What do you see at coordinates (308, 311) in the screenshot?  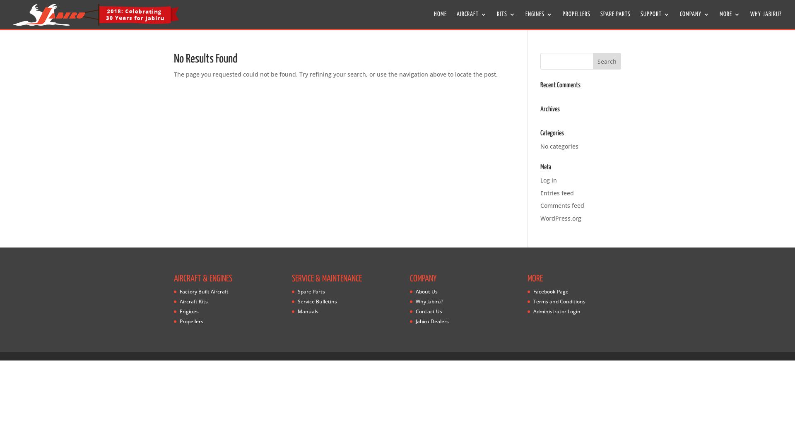 I see `'Manuals'` at bounding box center [308, 311].